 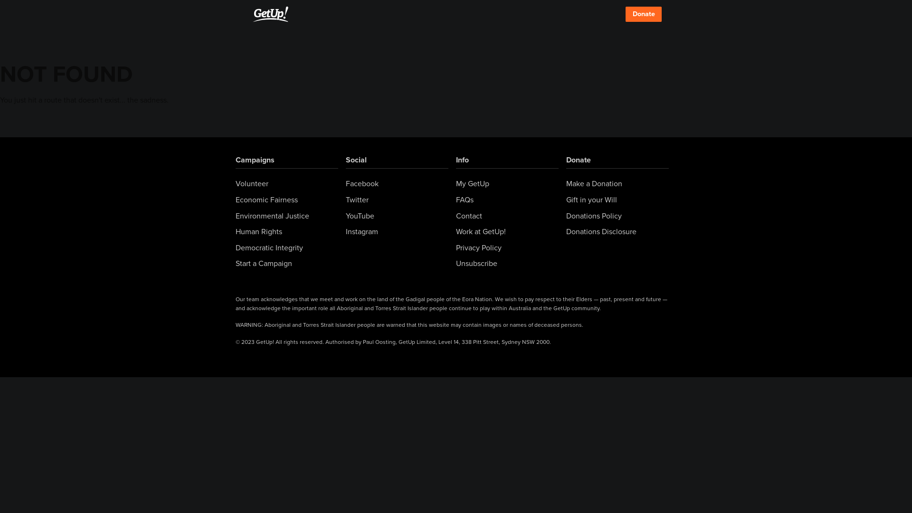 I want to click on 'Make a Donation', so click(x=566, y=183).